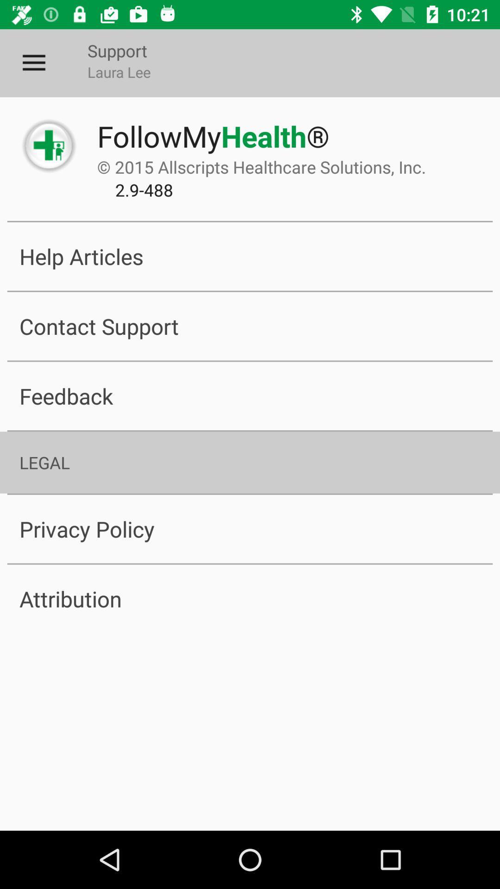  Describe the element at coordinates (250, 529) in the screenshot. I see `the privacy policy item` at that location.